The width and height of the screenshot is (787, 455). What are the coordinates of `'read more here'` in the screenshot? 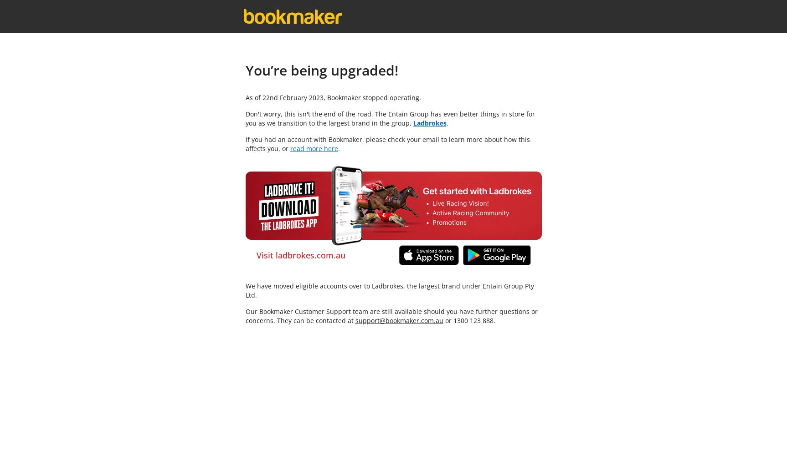 It's located at (313, 148).